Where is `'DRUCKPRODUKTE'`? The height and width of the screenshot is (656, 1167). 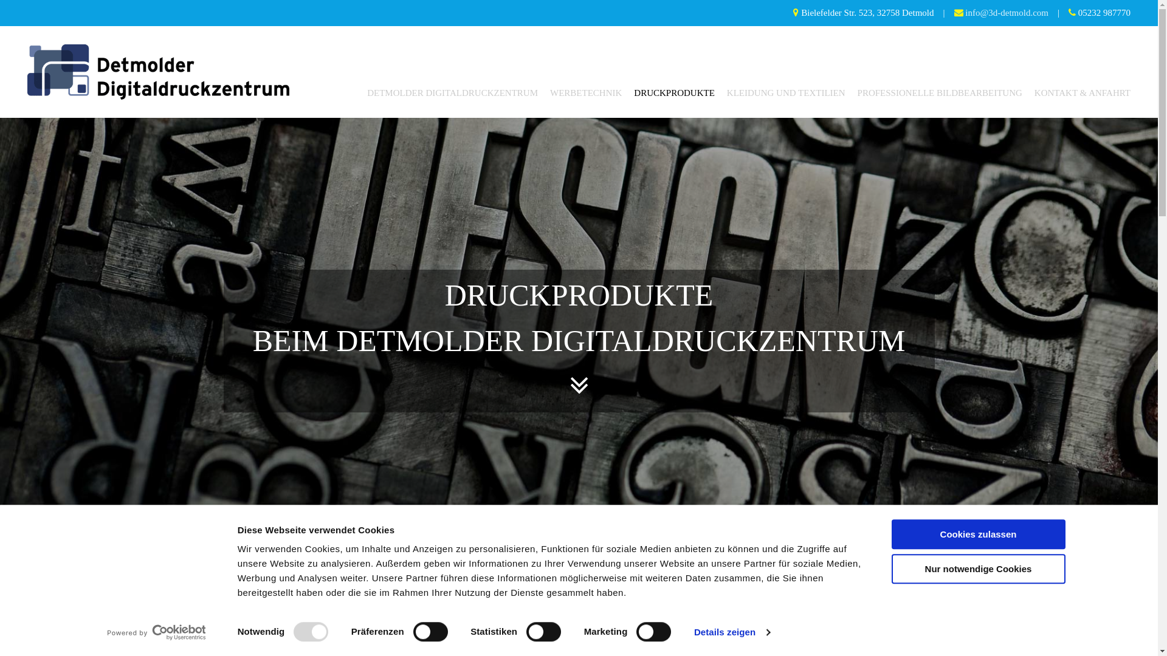
'DRUCKPRODUKTE' is located at coordinates (667, 93).